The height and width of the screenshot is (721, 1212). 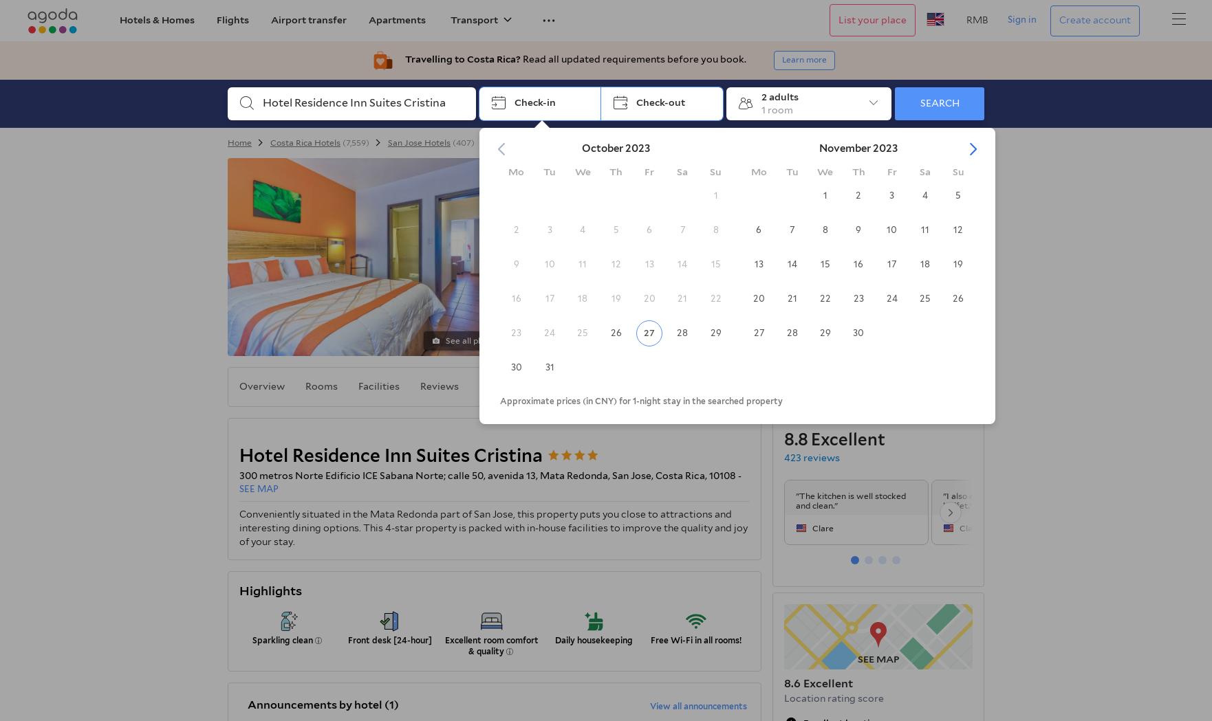 What do you see at coordinates (632, 58) in the screenshot?
I see `'Read all updated requirements before you book.'` at bounding box center [632, 58].